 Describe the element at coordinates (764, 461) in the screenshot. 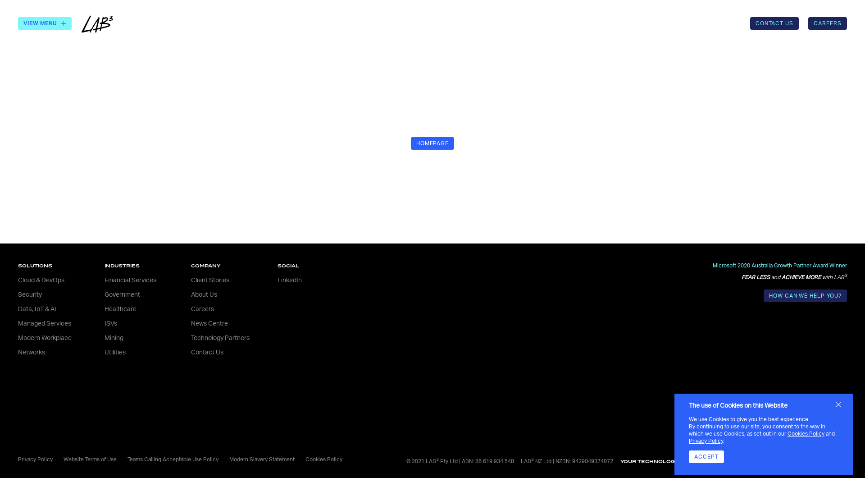

I see `'Digital Agency Melbourne'` at that location.